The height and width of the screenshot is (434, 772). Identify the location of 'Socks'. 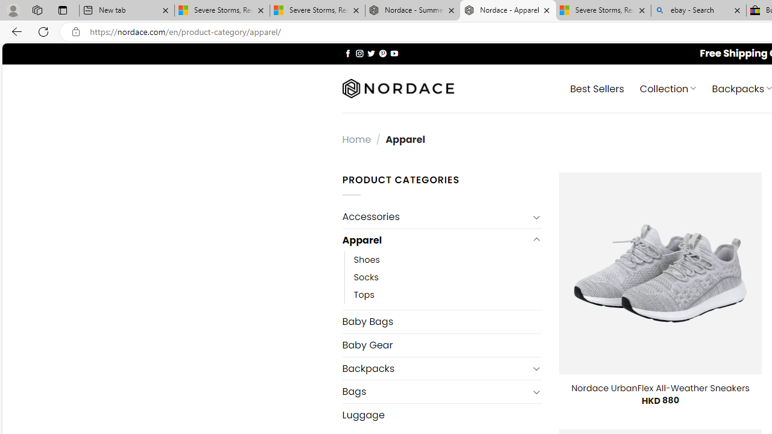
(447, 277).